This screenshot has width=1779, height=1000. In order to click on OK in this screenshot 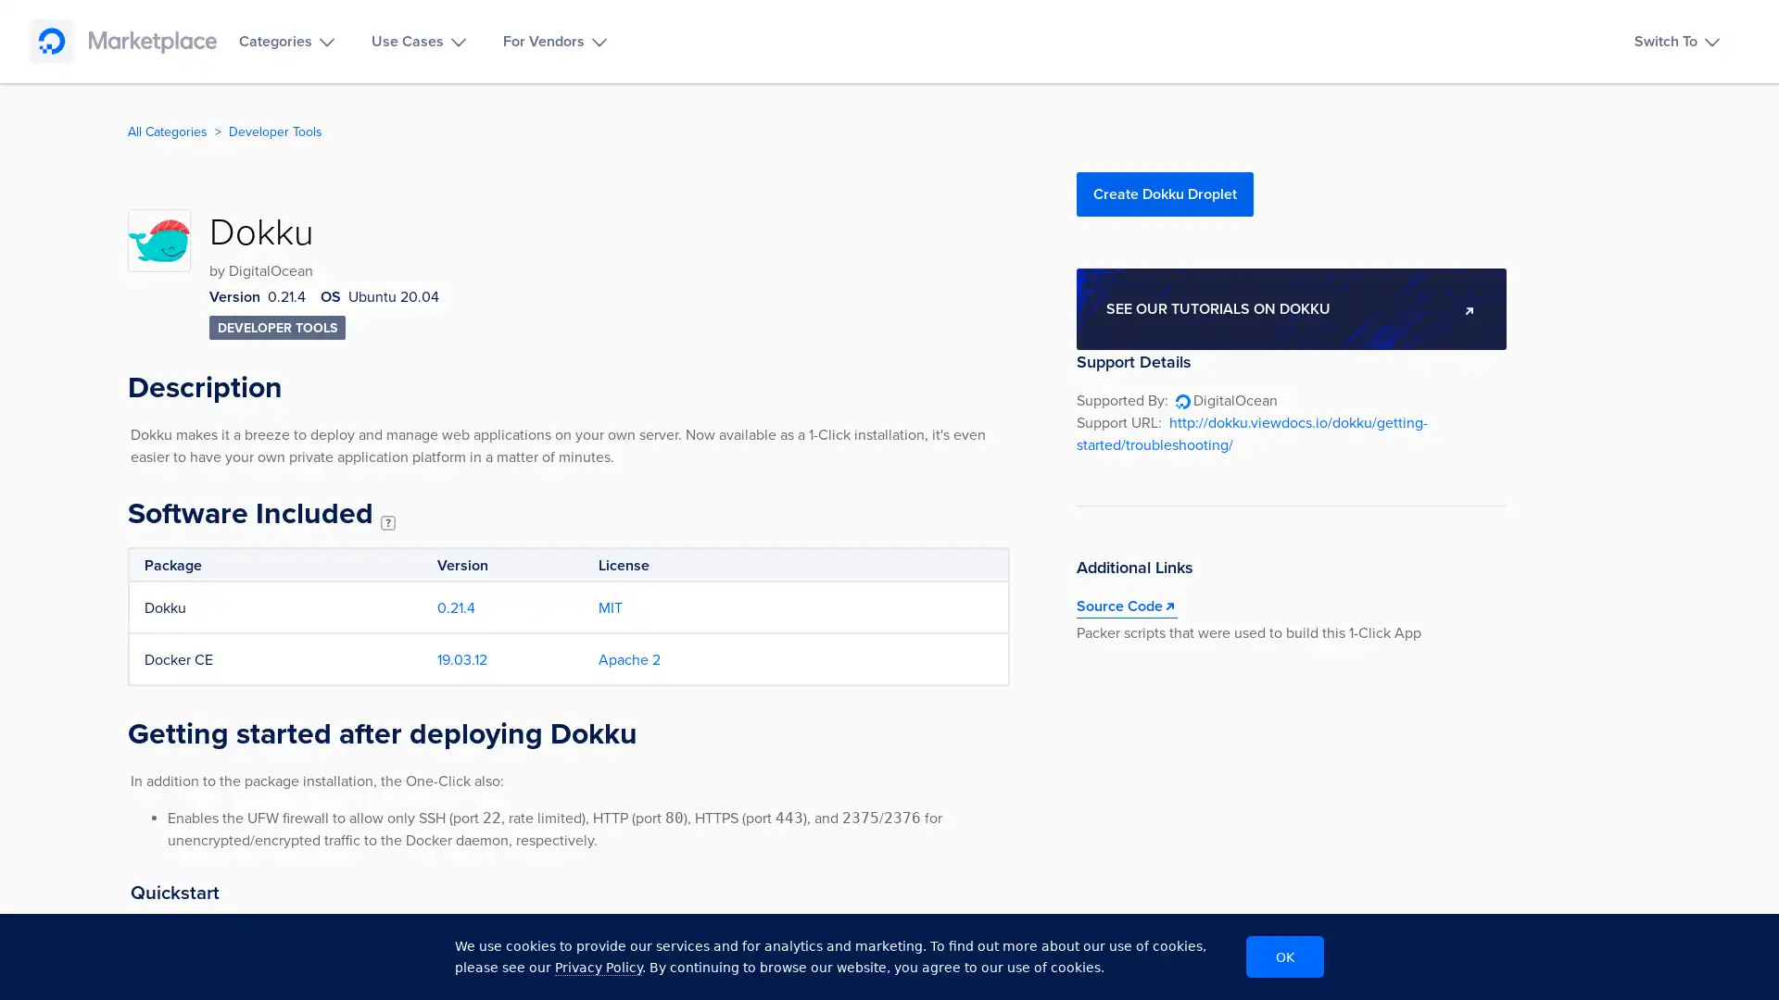, I will do `click(1284, 956)`.